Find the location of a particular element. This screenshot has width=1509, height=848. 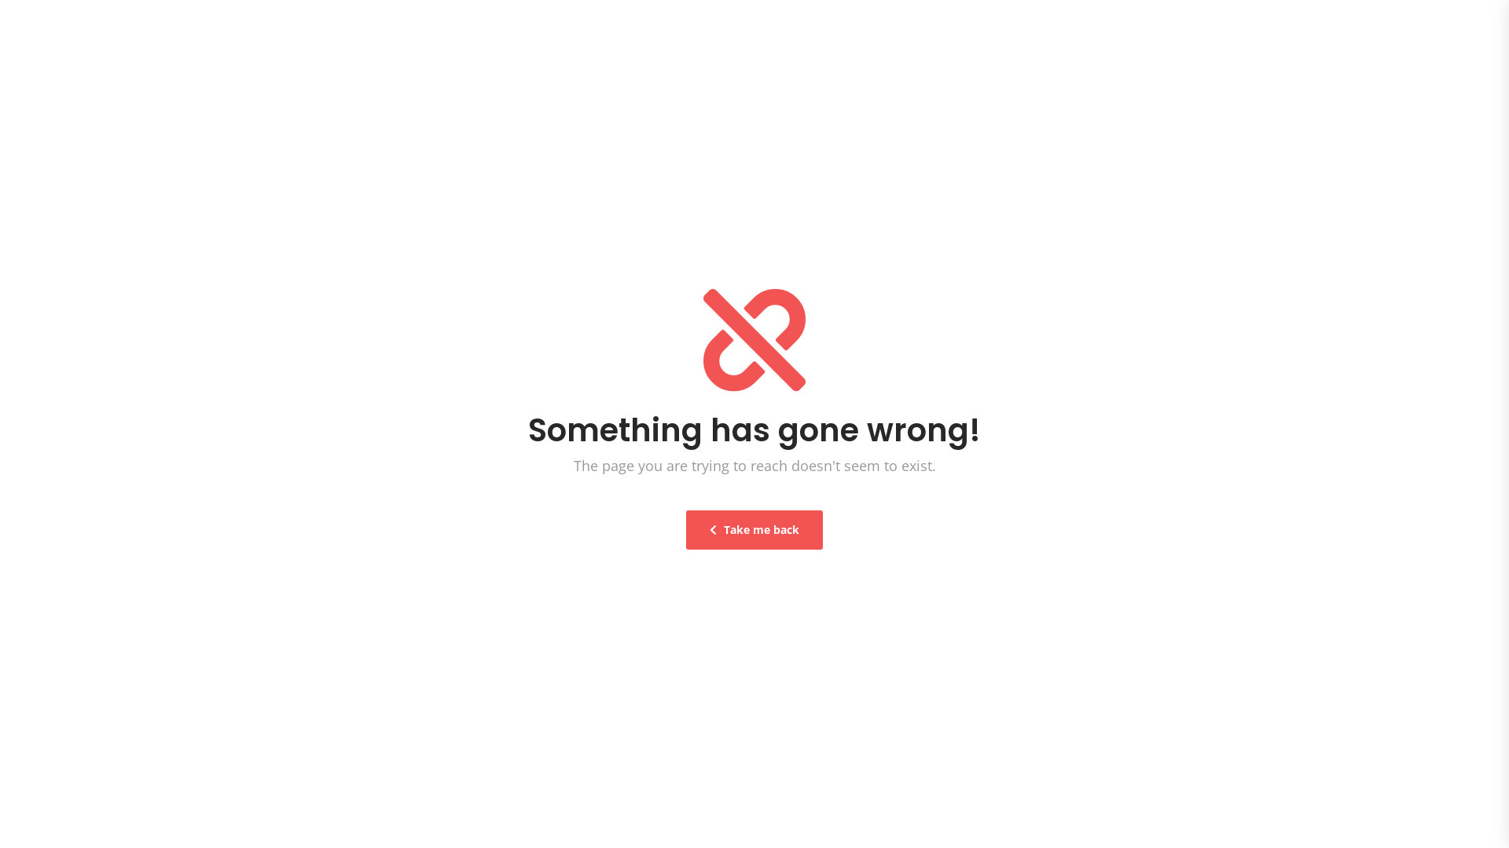

'Take me back' is located at coordinates (754, 530).